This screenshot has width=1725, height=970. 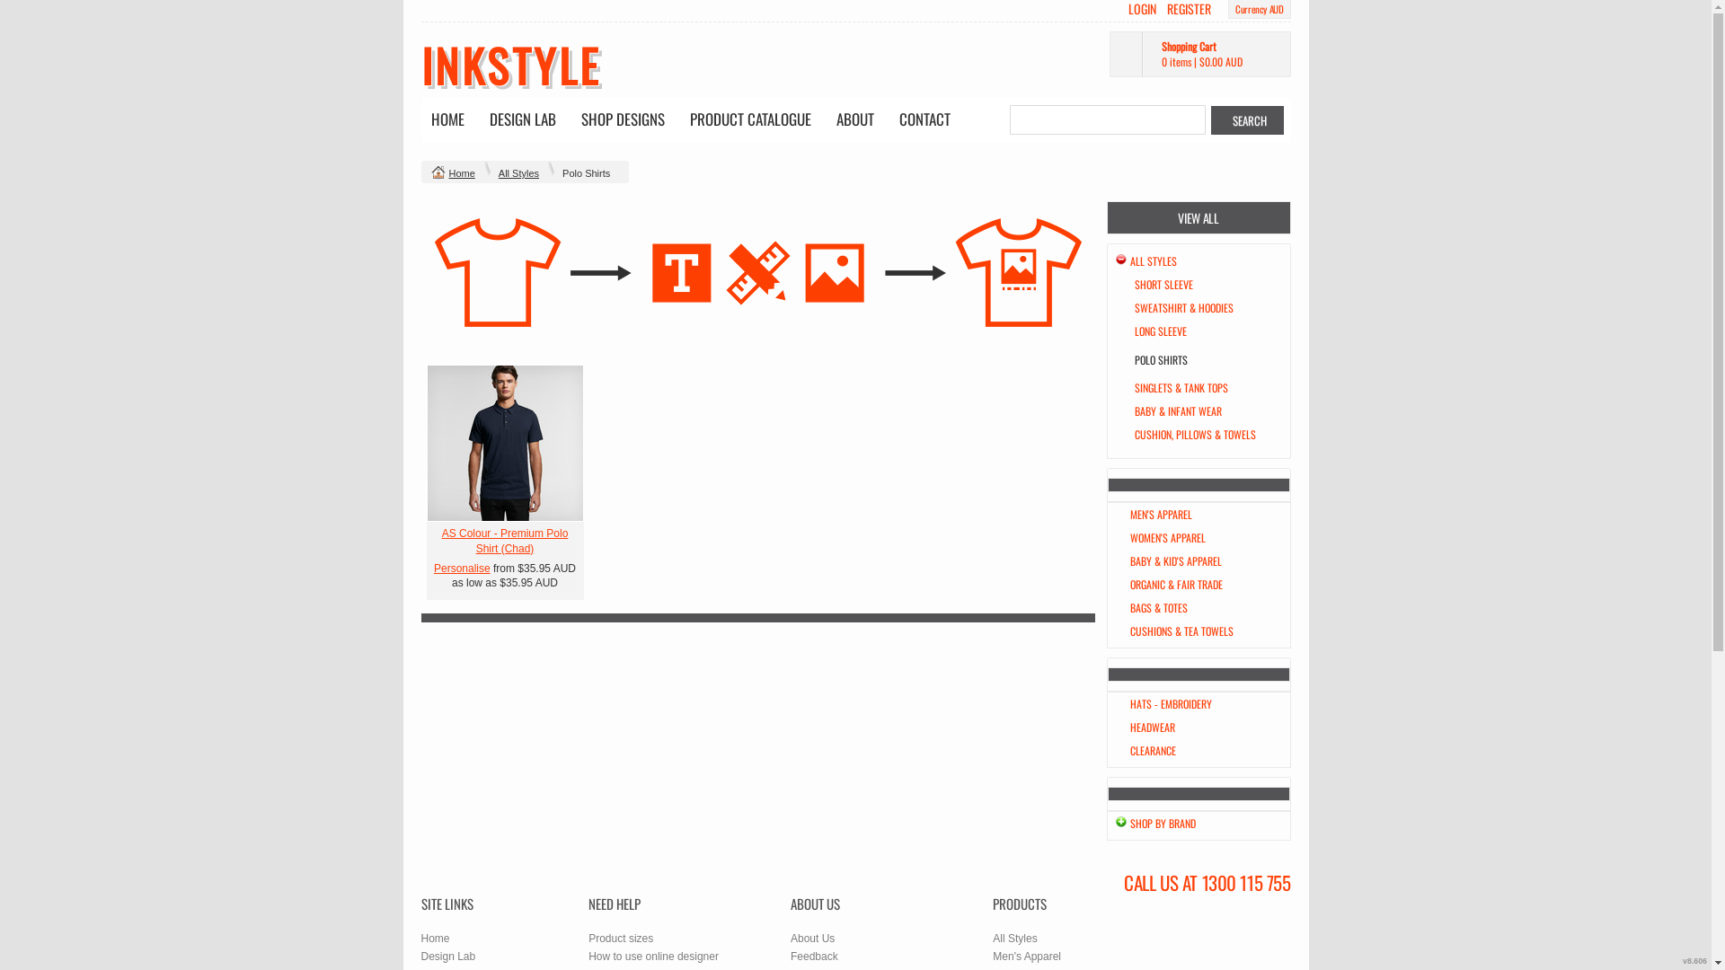 I want to click on 'HOME', so click(x=421, y=120).